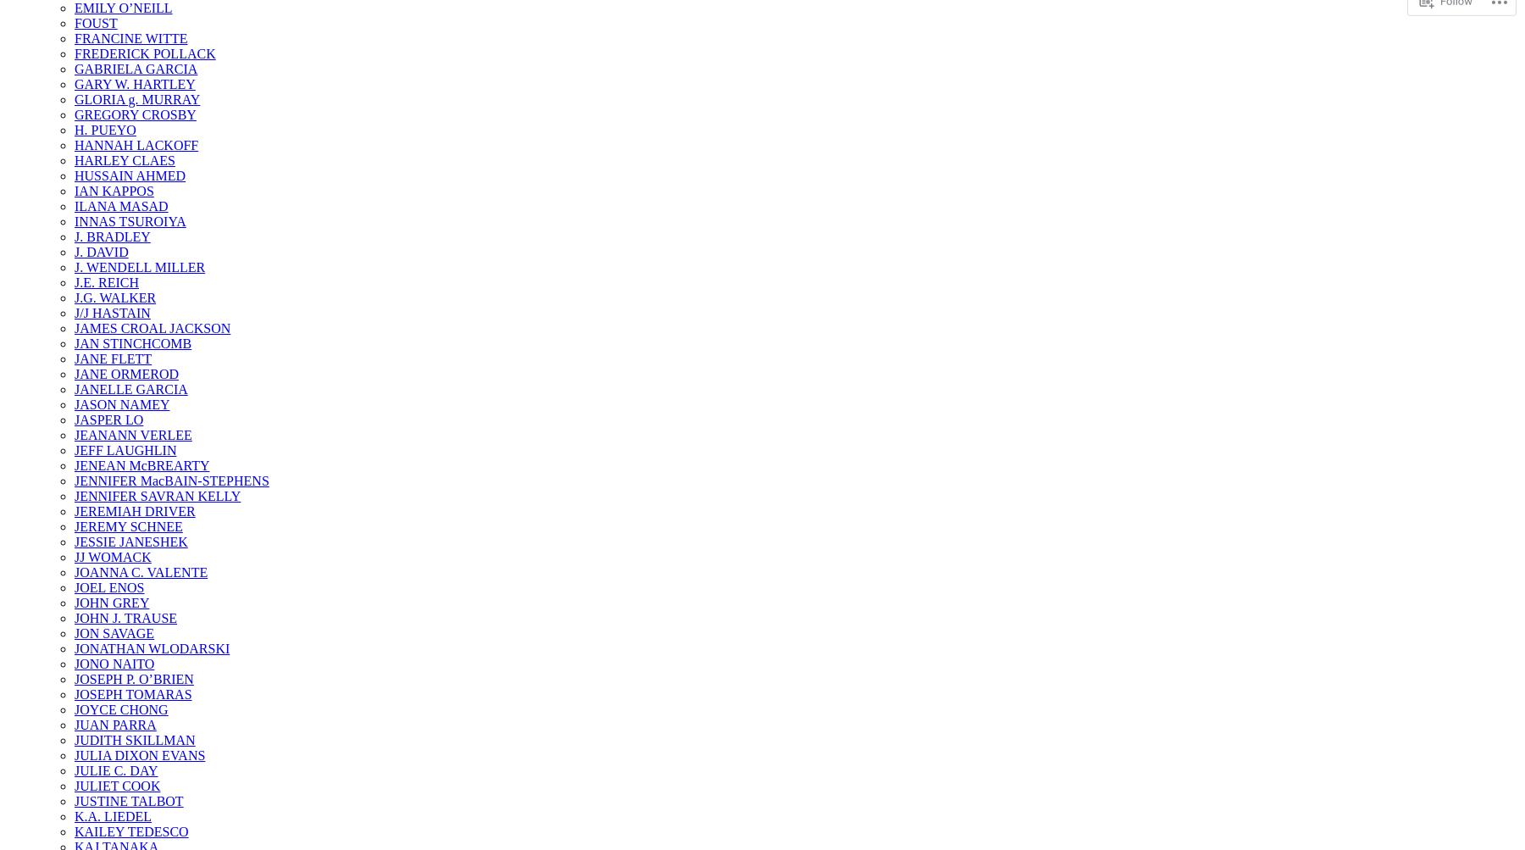 The image size is (1525, 850). What do you see at coordinates (125, 449) in the screenshot?
I see `'JEFF LAUGHLIN'` at bounding box center [125, 449].